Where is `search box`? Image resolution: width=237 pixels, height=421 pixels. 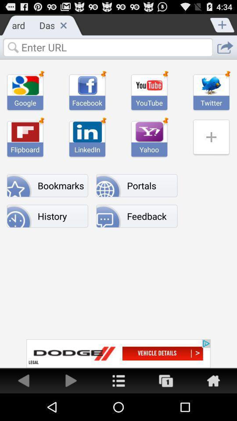
search box is located at coordinates (108, 47).